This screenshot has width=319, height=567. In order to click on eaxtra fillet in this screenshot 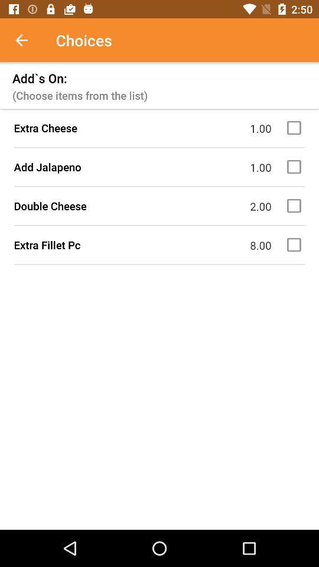, I will do `click(295, 244)`.